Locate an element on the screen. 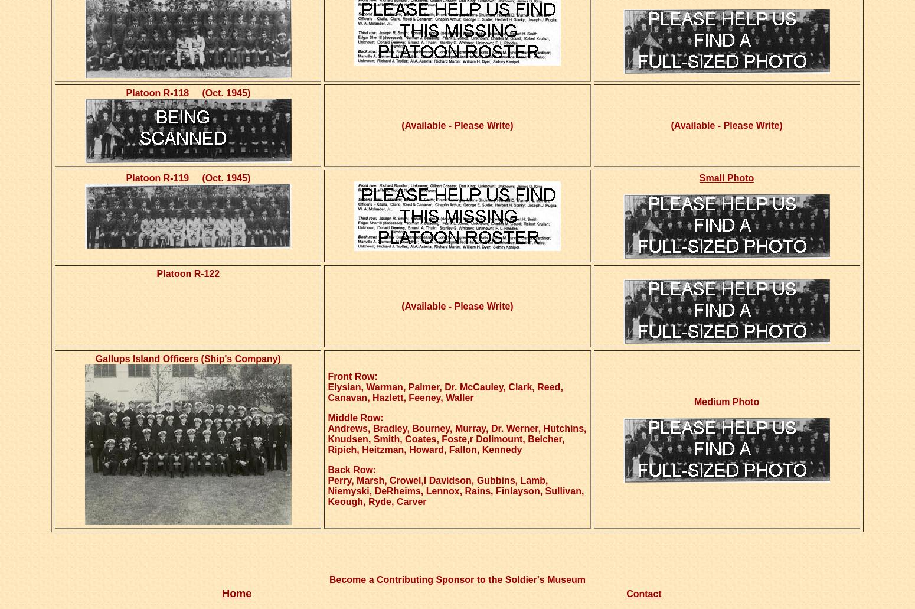 This screenshot has height=609, width=915. 'Perry, Marsh, Crowel,l Davidson, Gubbins, Lamb, Niemyski, DeRheims, Lennox, Rains, Finlayson, Sullivan, Keough, Ryde, Carver' is located at coordinates (456, 491).